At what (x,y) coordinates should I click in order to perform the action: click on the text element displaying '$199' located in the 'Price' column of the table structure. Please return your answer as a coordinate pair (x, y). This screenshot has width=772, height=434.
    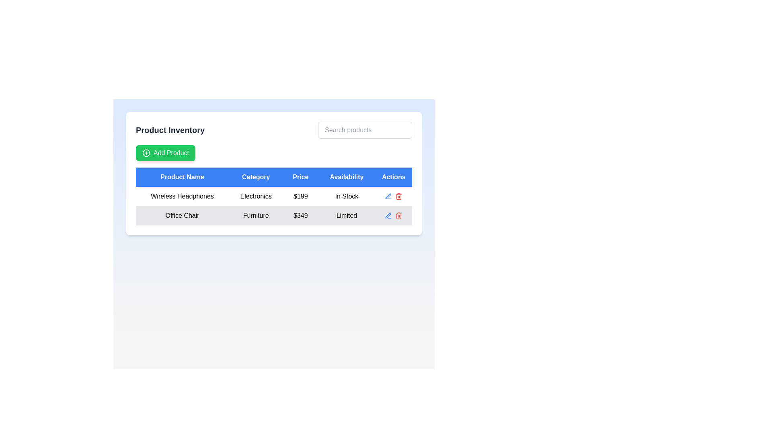
    Looking at the image, I should click on (300, 197).